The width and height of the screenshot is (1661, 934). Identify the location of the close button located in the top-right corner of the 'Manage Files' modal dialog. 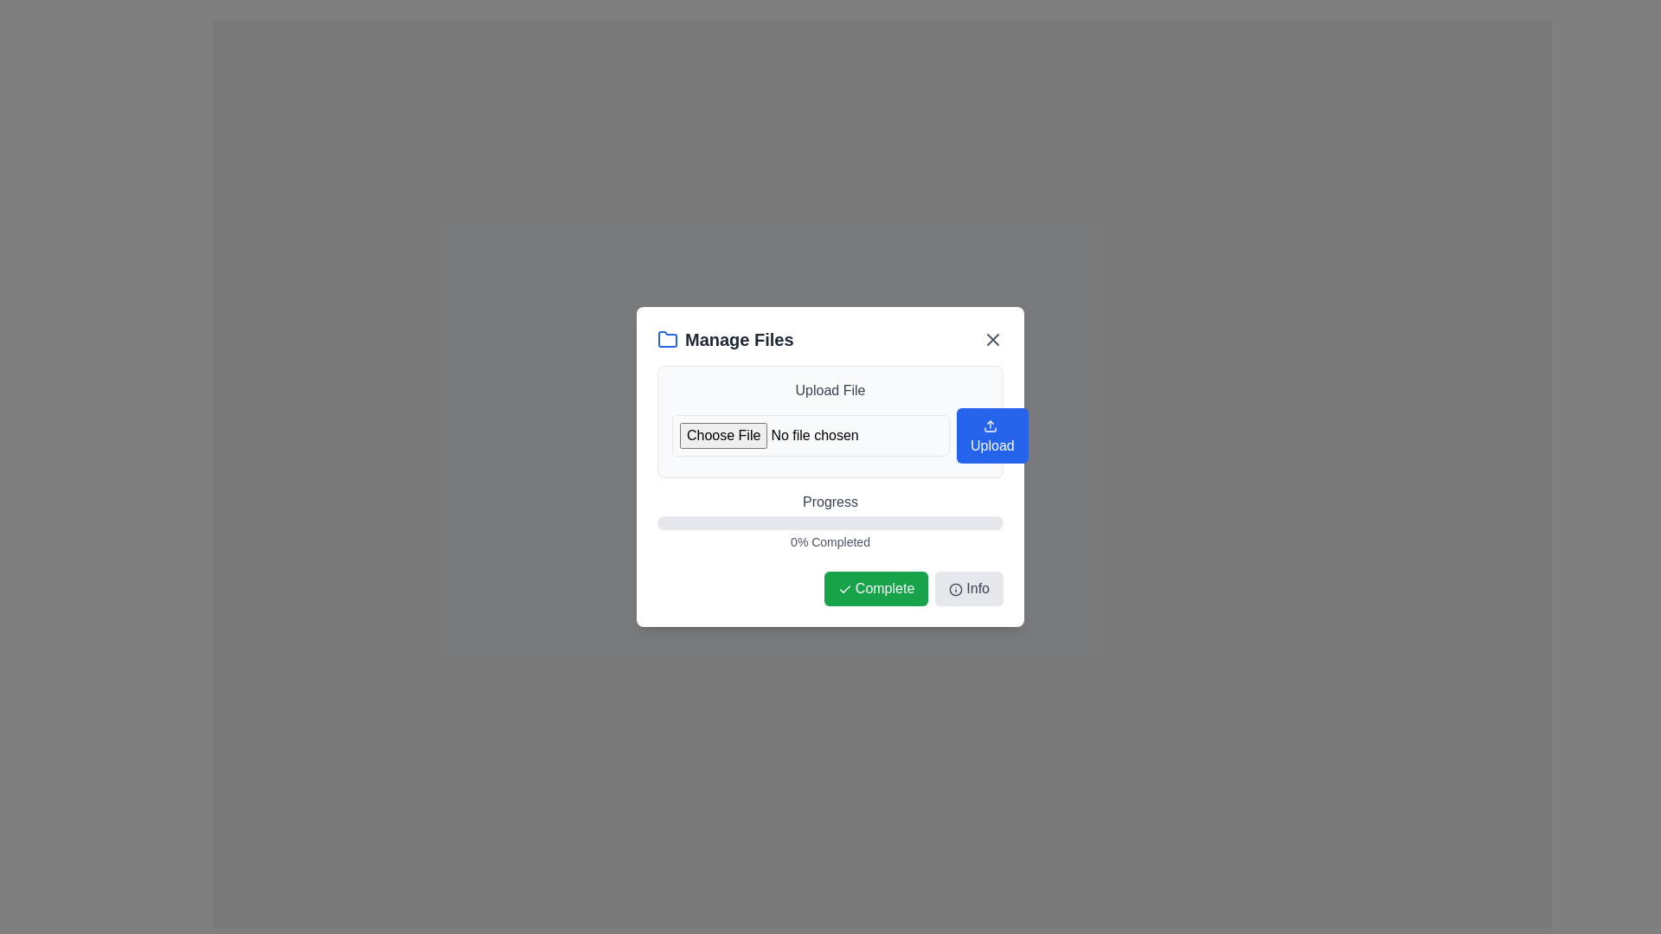
(992, 340).